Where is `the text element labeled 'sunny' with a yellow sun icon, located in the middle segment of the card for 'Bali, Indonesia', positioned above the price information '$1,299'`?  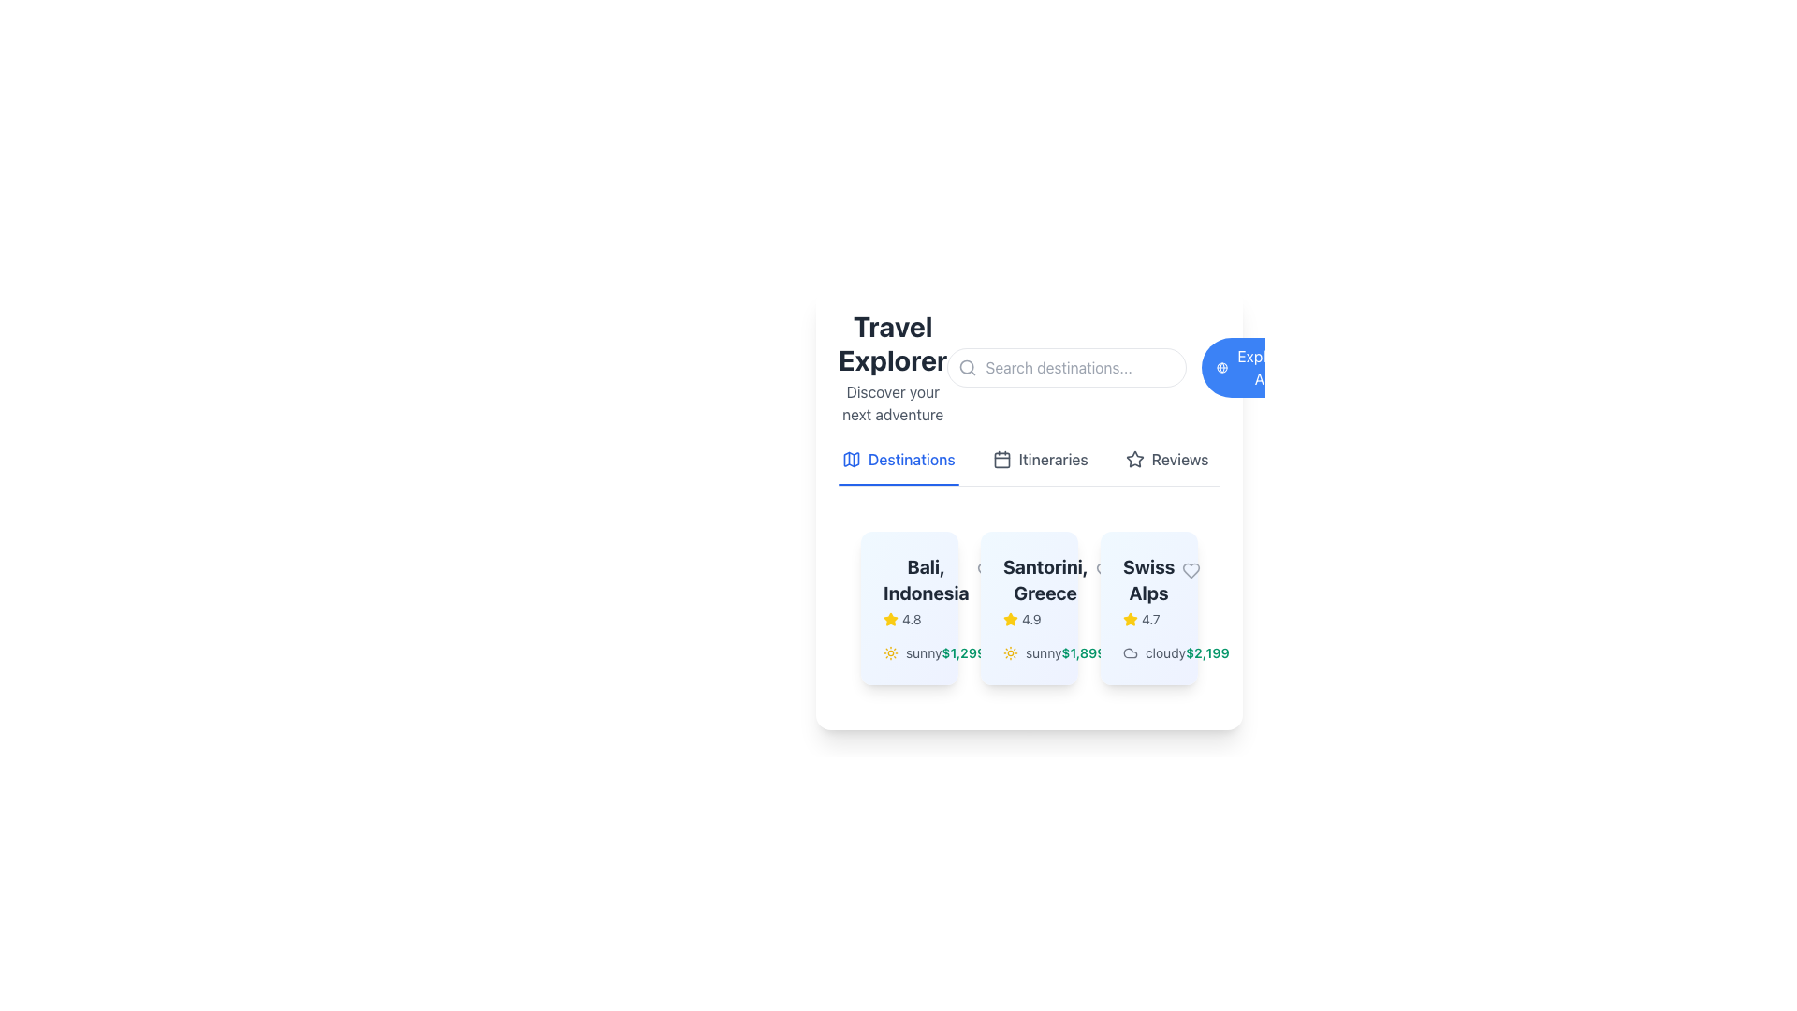 the text element labeled 'sunny' with a yellow sun icon, located in the middle segment of the card for 'Bali, Indonesia', positioned above the price information '$1,299' is located at coordinates (909, 652).